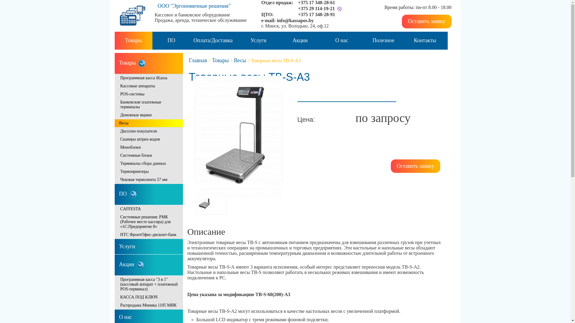 This screenshot has width=575, height=323. Describe the element at coordinates (316, 14) in the screenshot. I see `'+375 17 348-28-91'` at that location.